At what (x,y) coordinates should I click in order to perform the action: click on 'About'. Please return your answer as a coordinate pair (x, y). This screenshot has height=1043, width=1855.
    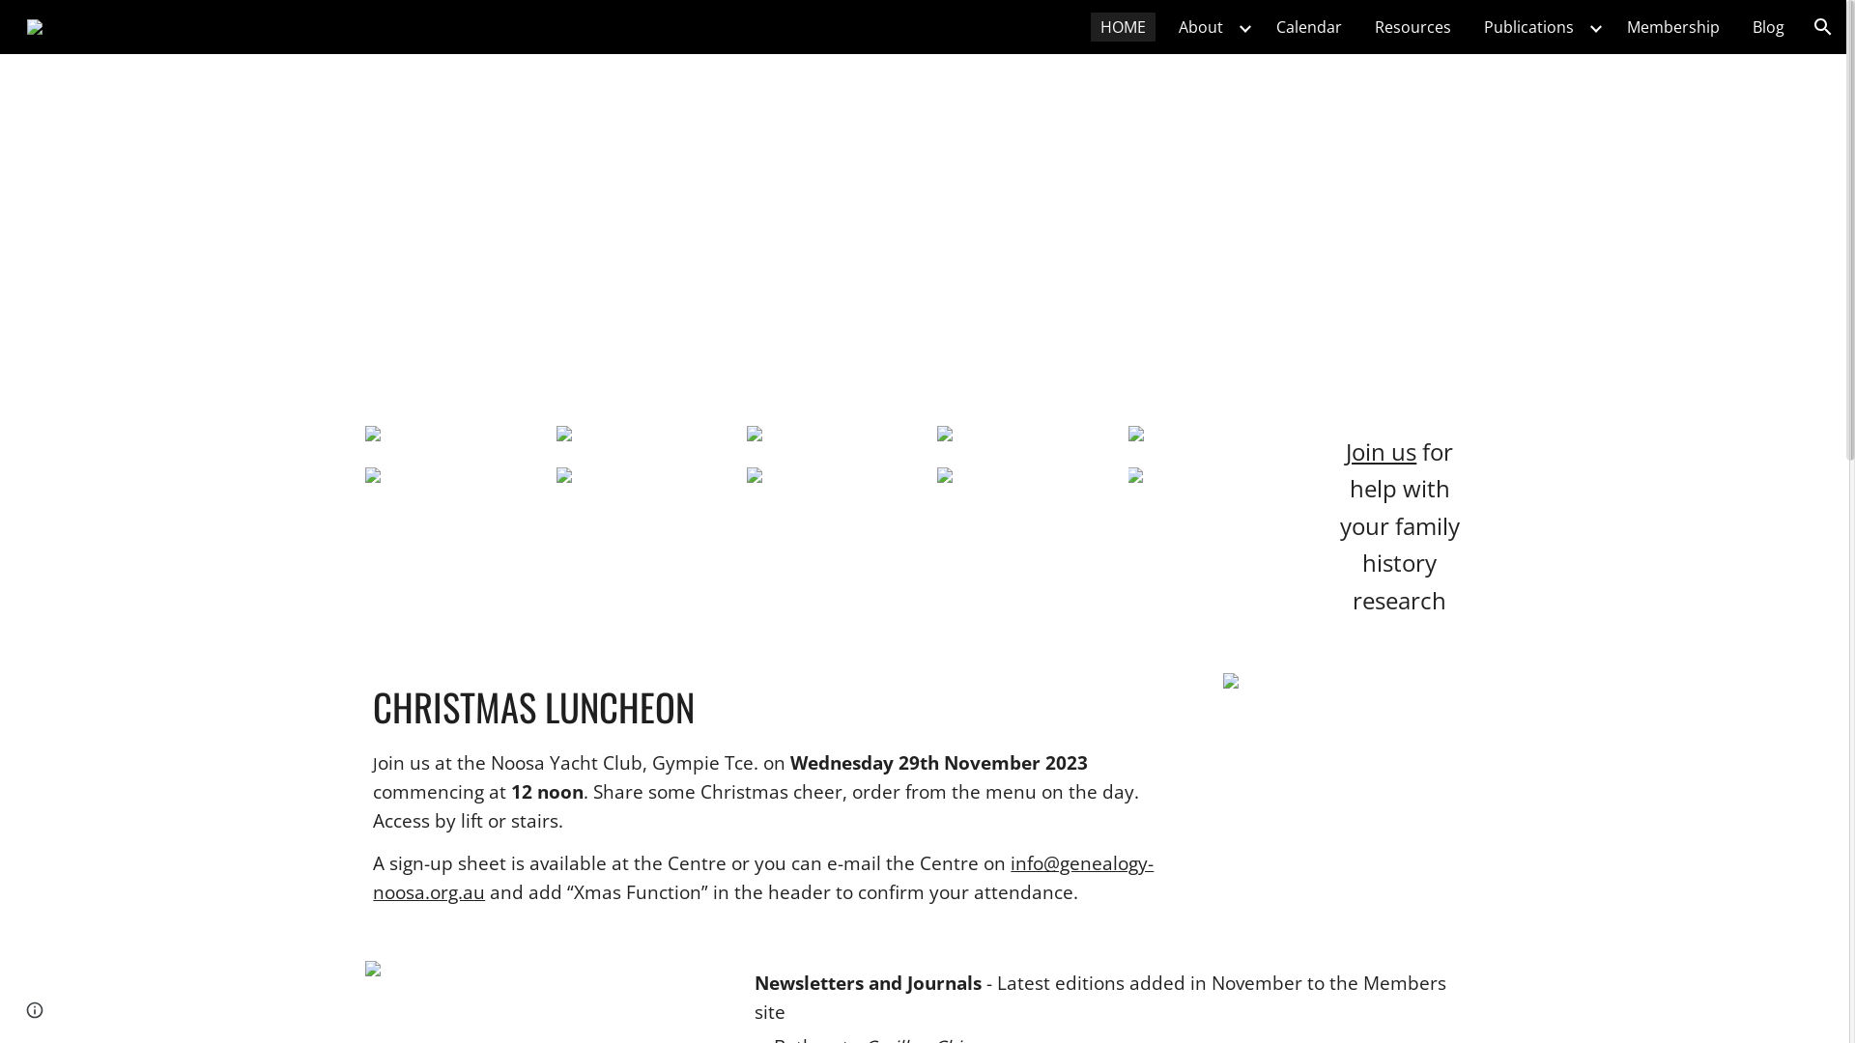
    Looking at the image, I should click on (1200, 26).